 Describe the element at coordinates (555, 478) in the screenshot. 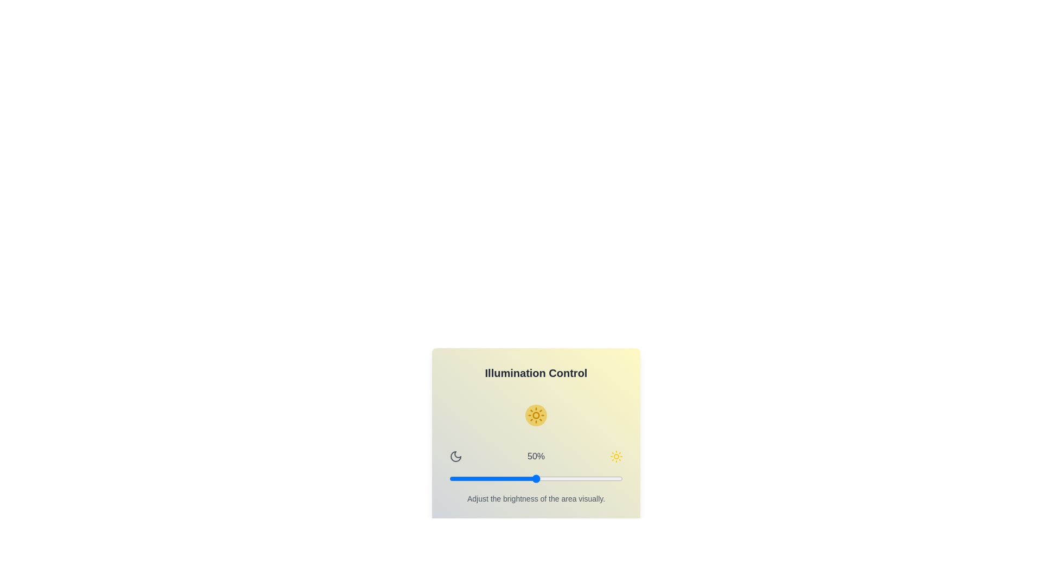

I see `the brightness slider to 61%` at that location.